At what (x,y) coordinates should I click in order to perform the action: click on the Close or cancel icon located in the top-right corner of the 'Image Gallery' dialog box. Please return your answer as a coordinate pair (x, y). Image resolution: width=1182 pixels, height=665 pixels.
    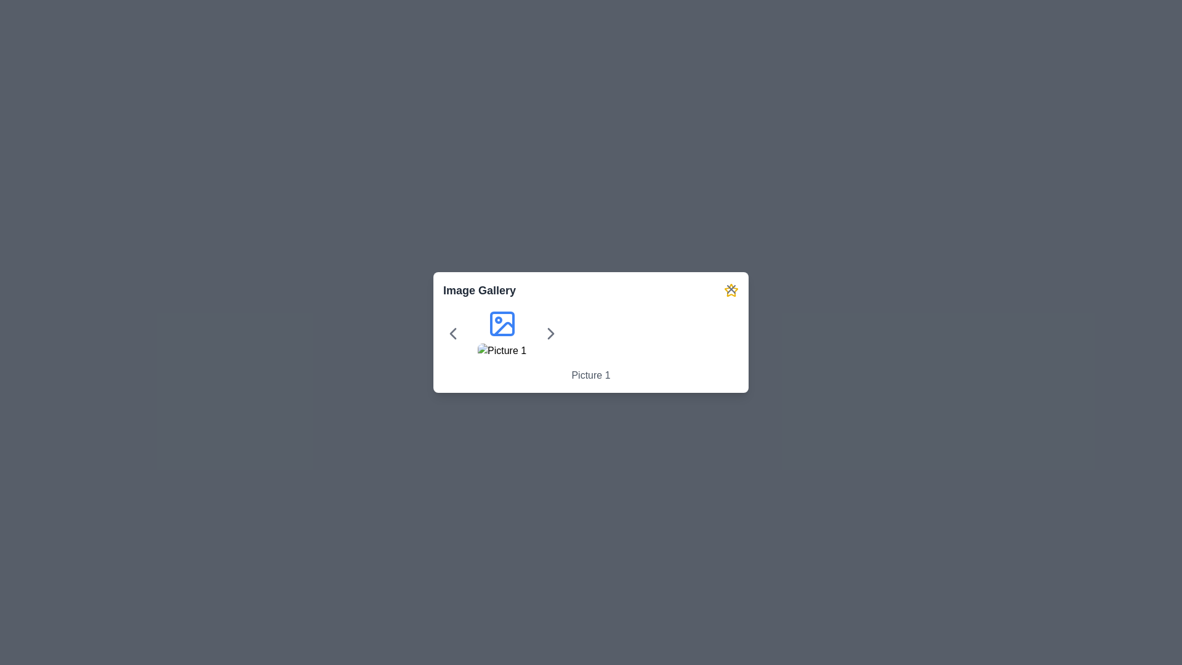
    Looking at the image, I should click on (731, 289).